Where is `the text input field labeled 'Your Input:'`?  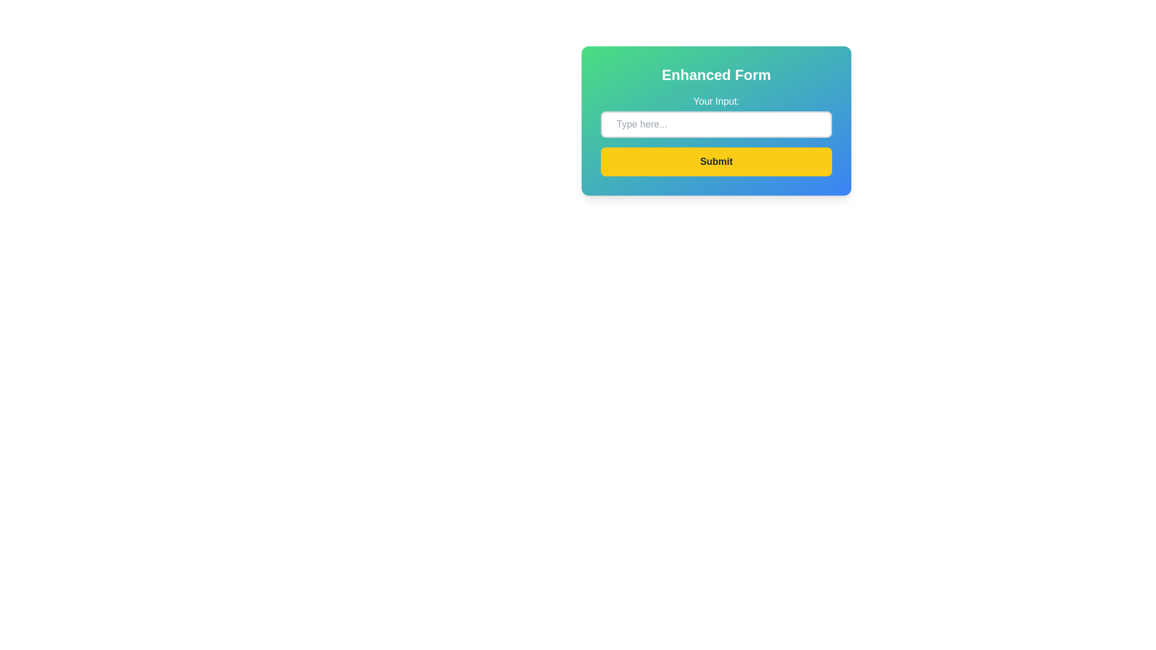 the text input field labeled 'Your Input:' is located at coordinates (716, 116).